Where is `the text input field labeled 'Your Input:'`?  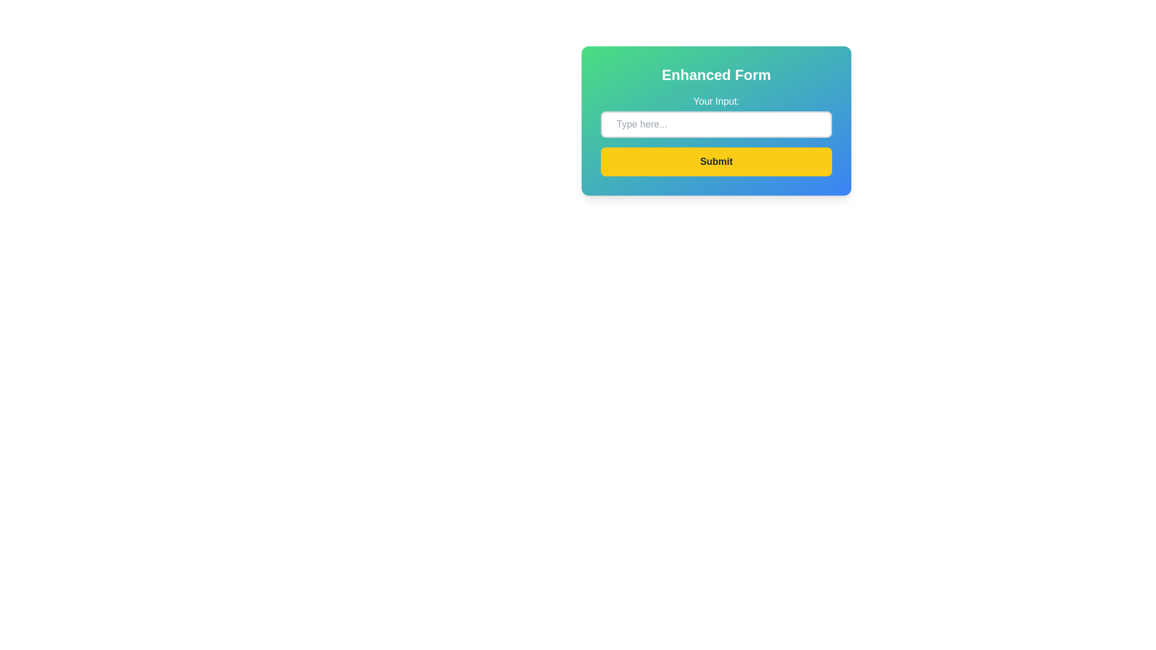 the text input field labeled 'Your Input:' is located at coordinates (716, 116).